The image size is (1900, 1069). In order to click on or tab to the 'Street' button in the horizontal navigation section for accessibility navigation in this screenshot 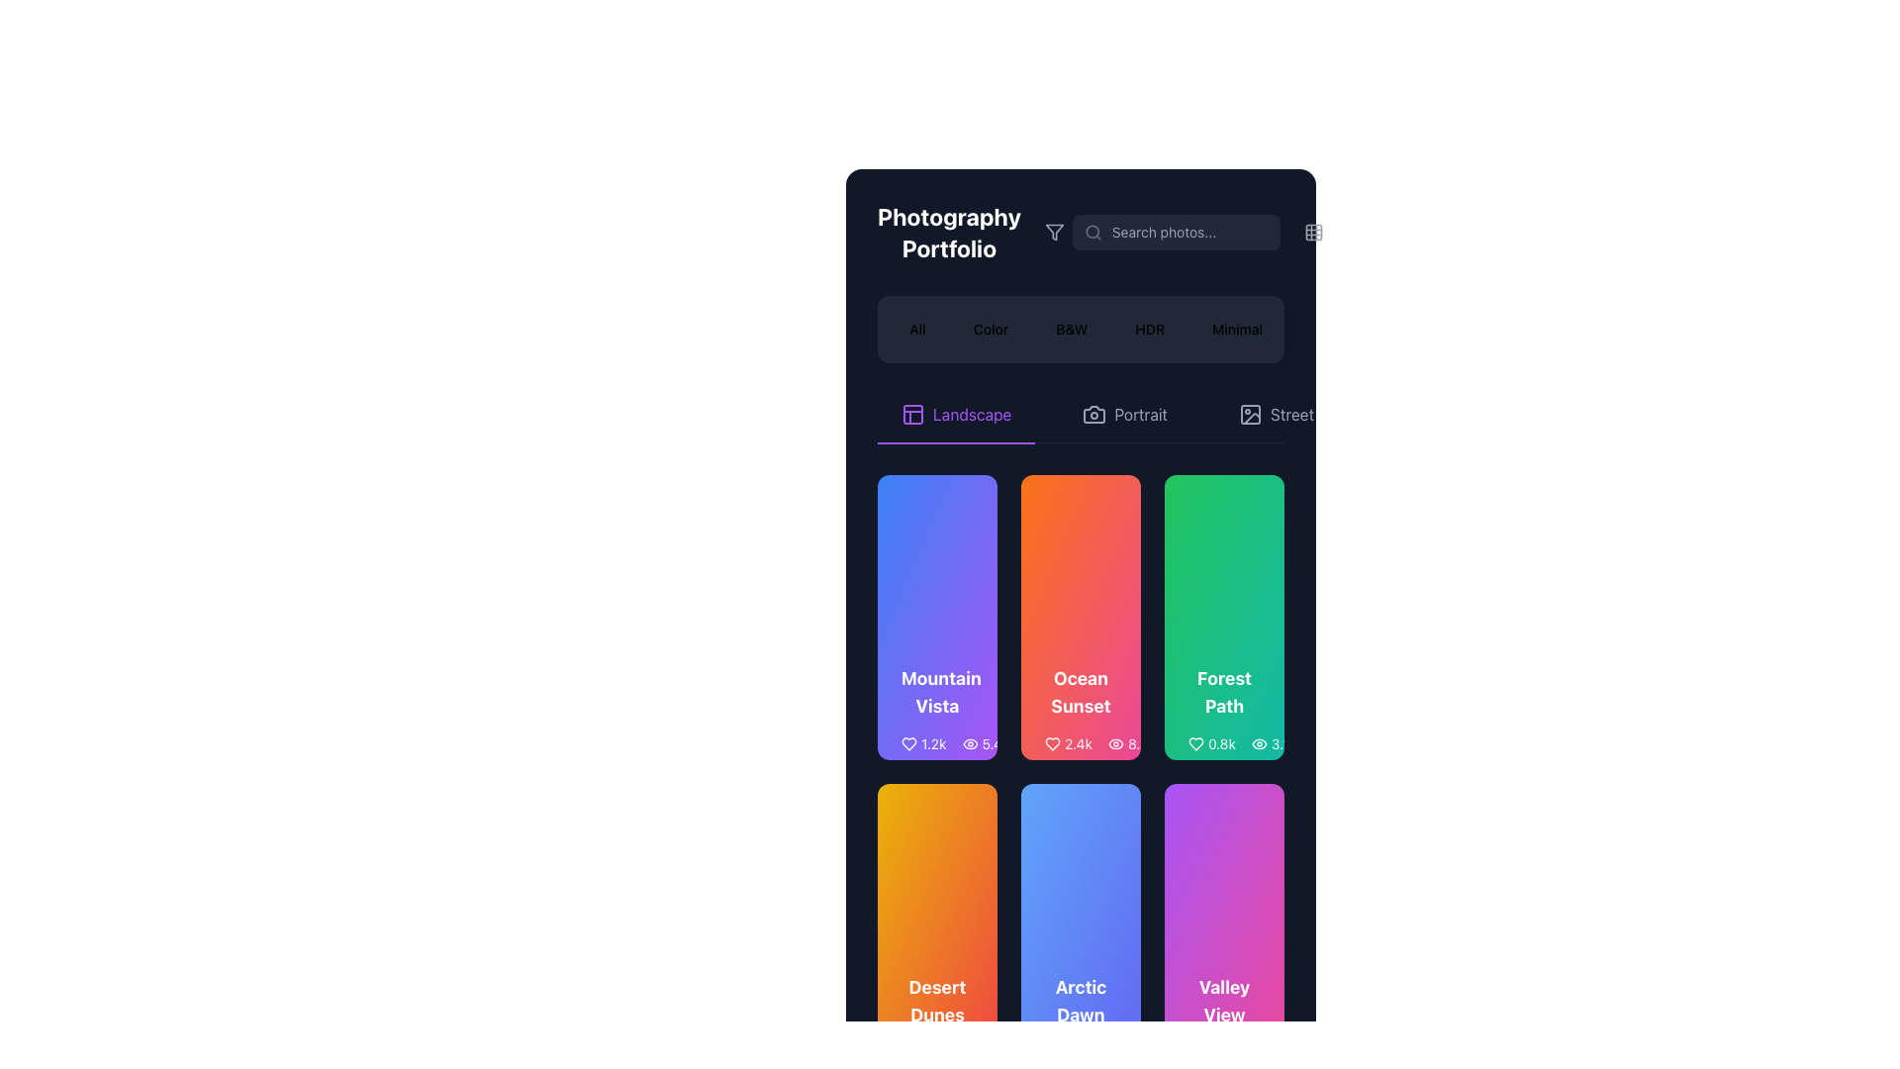, I will do `click(1291, 414)`.